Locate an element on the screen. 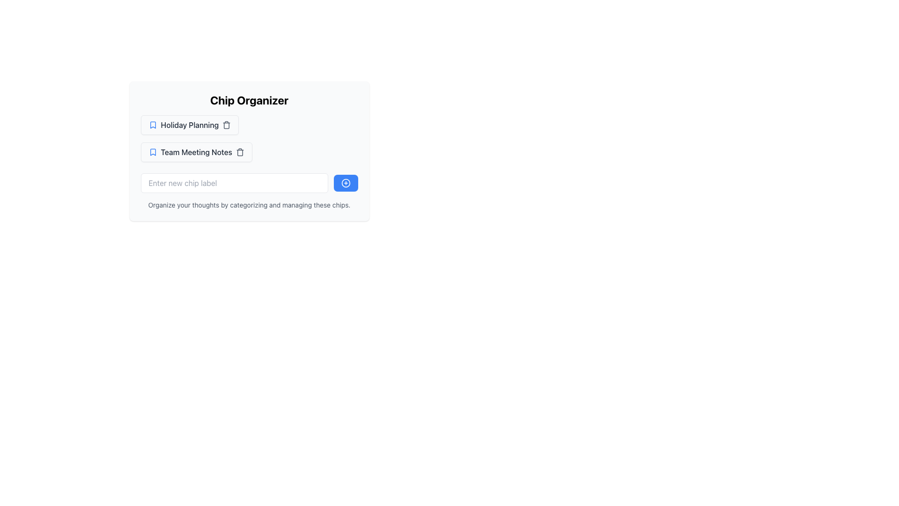 The width and height of the screenshot is (899, 506). the blue rounded rectangular button with a plus sign icon is located at coordinates (345, 183).